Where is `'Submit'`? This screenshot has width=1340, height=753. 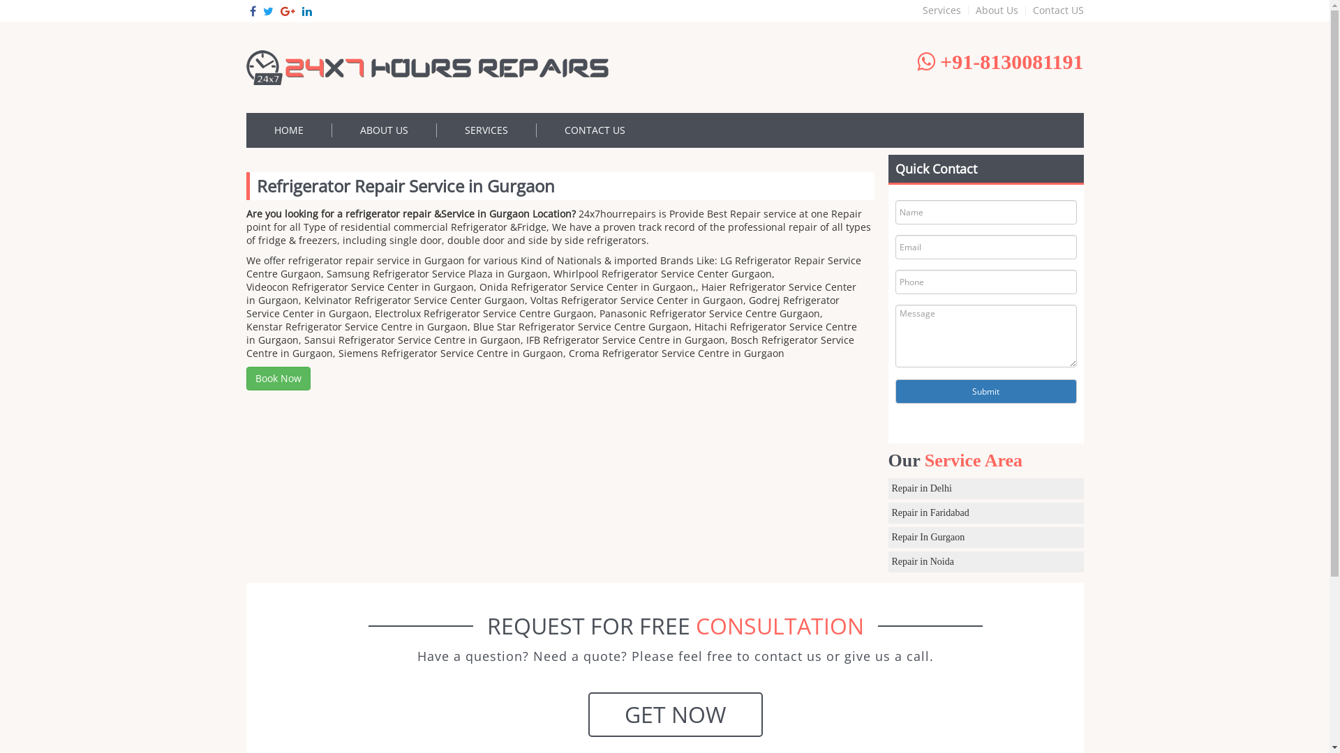 'Submit' is located at coordinates (894, 391).